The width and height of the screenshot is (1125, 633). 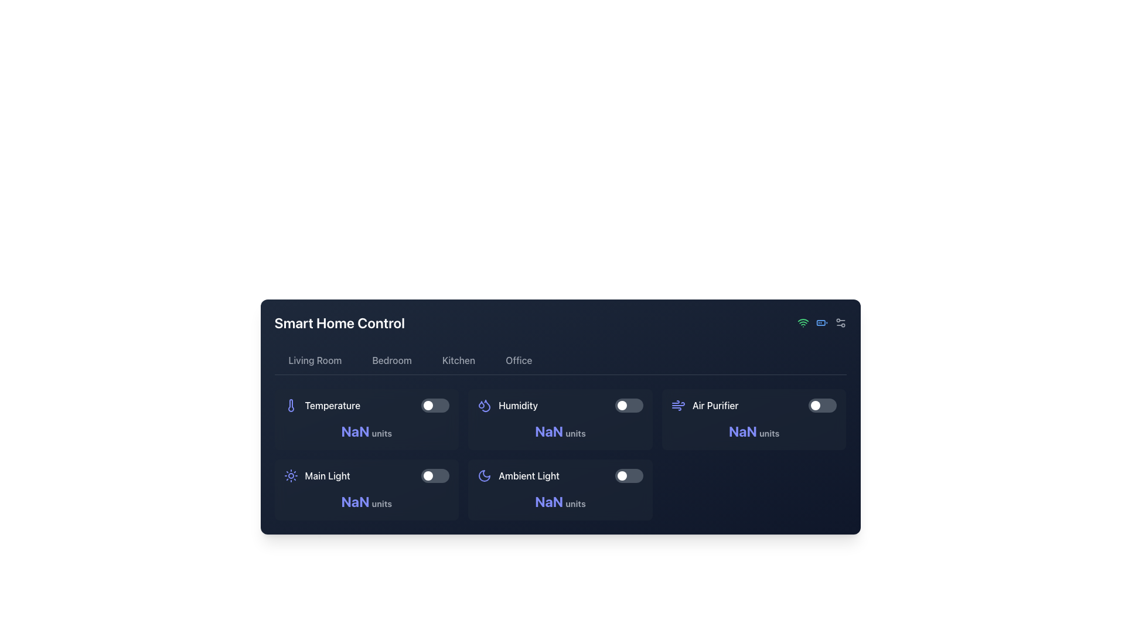 What do you see at coordinates (381, 433) in the screenshot?
I see `the static text label displaying 'units' which is located to the right of the bold 'NaN' text under the 'Temperature' section in the Smart Home Control panel` at bounding box center [381, 433].